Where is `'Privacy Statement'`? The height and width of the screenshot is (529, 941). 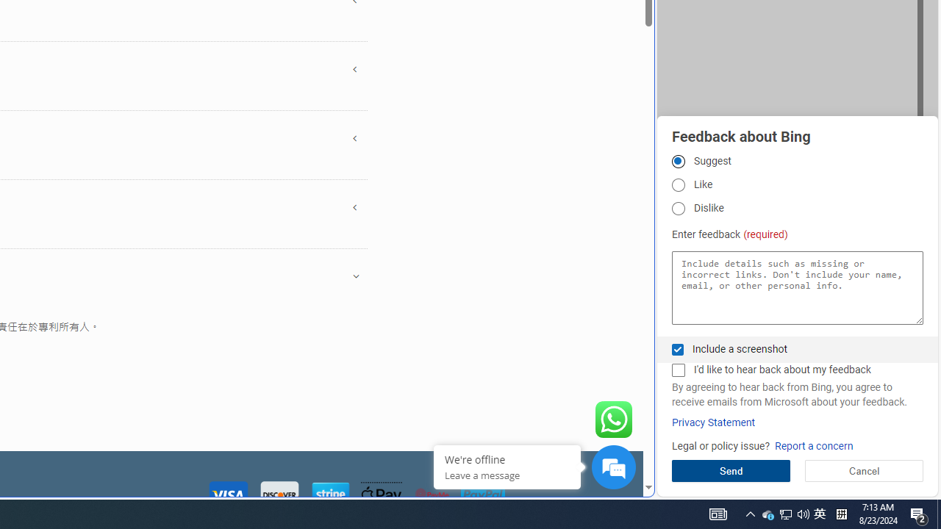 'Privacy Statement' is located at coordinates (713, 422).